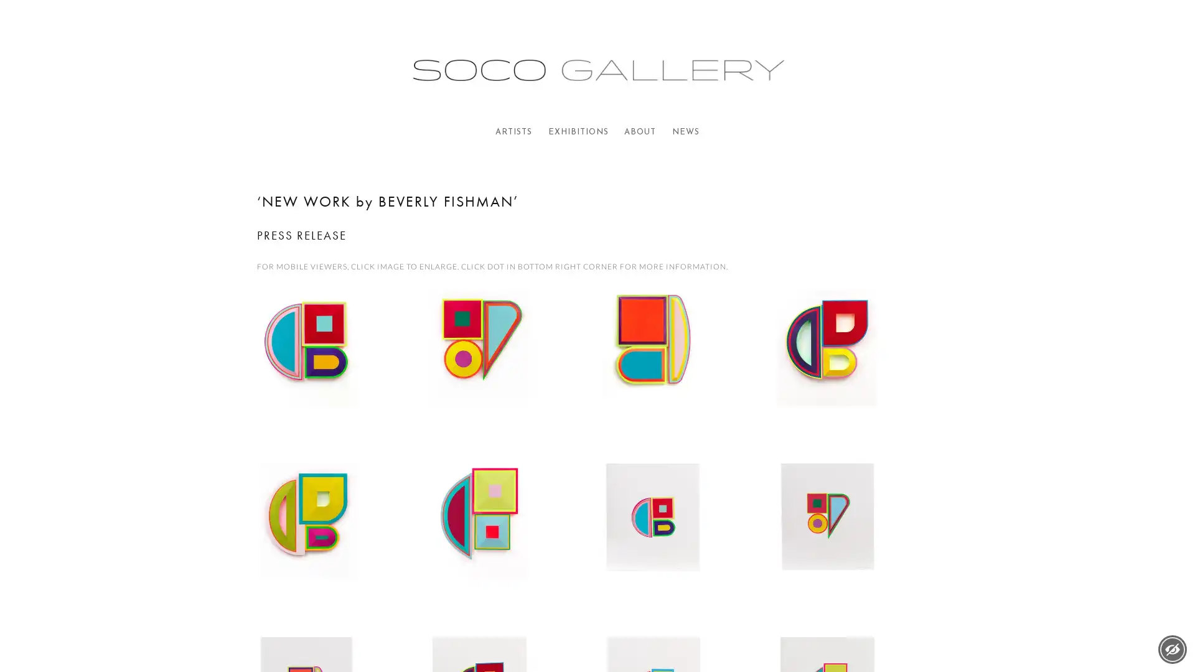 This screenshot has width=1195, height=672. What do you see at coordinates (683, 543) in the screenshot?
I see `View fullsize BEVERLY FISHMAN Untitled , 2021 vinyl and paper collage on smooth acid free Bristol paper 17 x 14 inches INQUIRE +` at bounding box center [683, 543].